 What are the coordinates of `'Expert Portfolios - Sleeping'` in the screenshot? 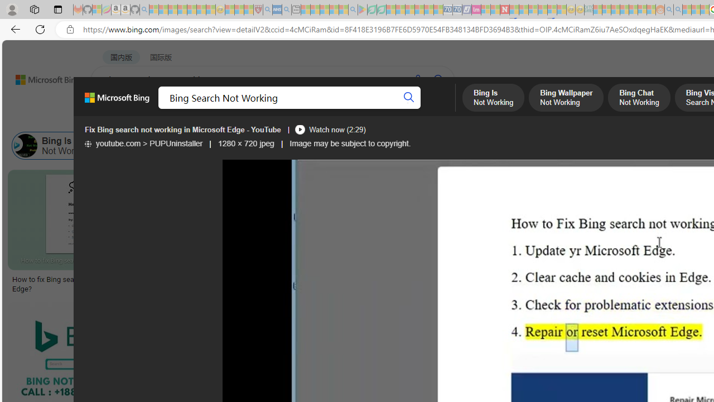 It's located at (625, 9).